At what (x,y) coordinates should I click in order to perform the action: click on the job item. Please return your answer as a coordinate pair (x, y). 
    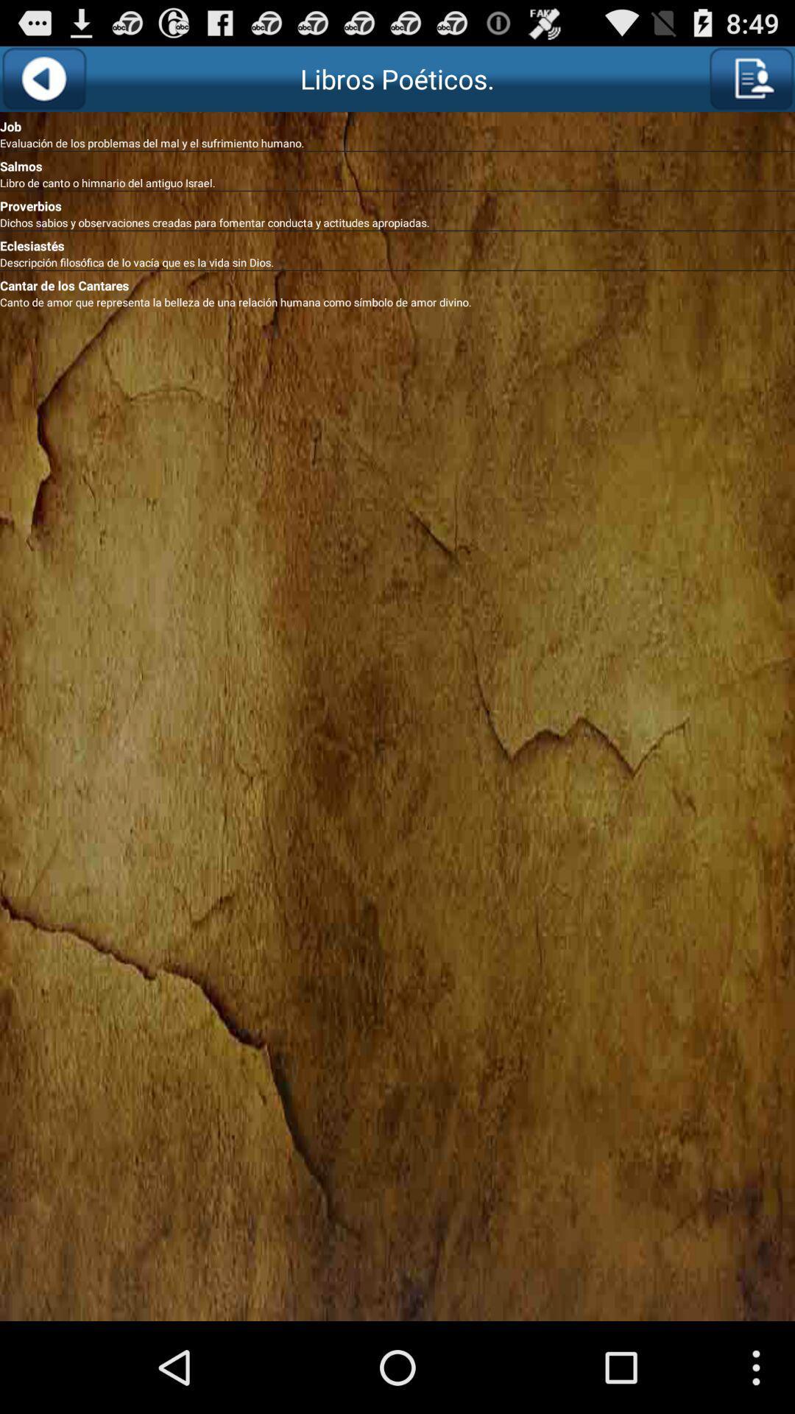
    Looking at the image, I should click on (397, 124).